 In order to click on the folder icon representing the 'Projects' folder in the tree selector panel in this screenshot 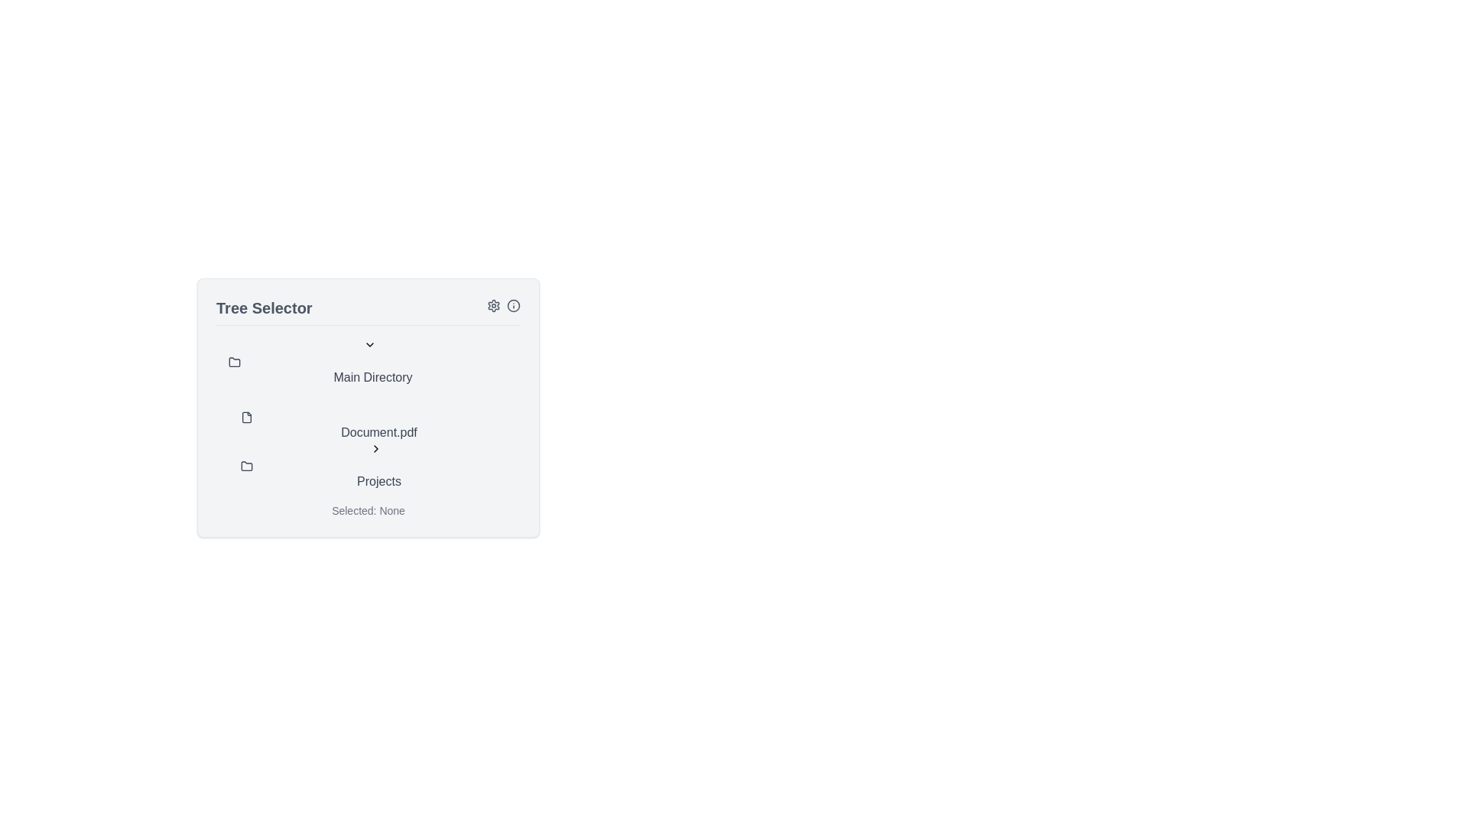, I will do `click(246, 465)`.